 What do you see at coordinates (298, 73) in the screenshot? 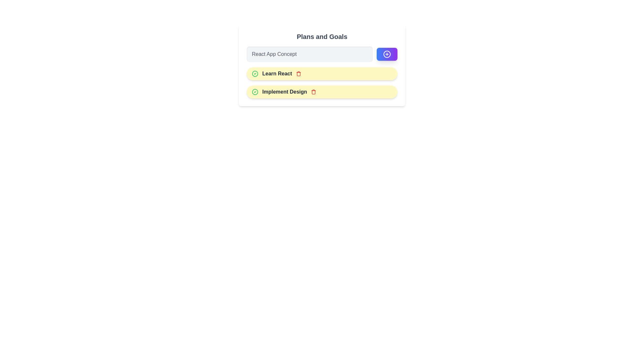
I see `the trash icon next to the task Learn React to remove it from the list` at bounding box center [298, 73].